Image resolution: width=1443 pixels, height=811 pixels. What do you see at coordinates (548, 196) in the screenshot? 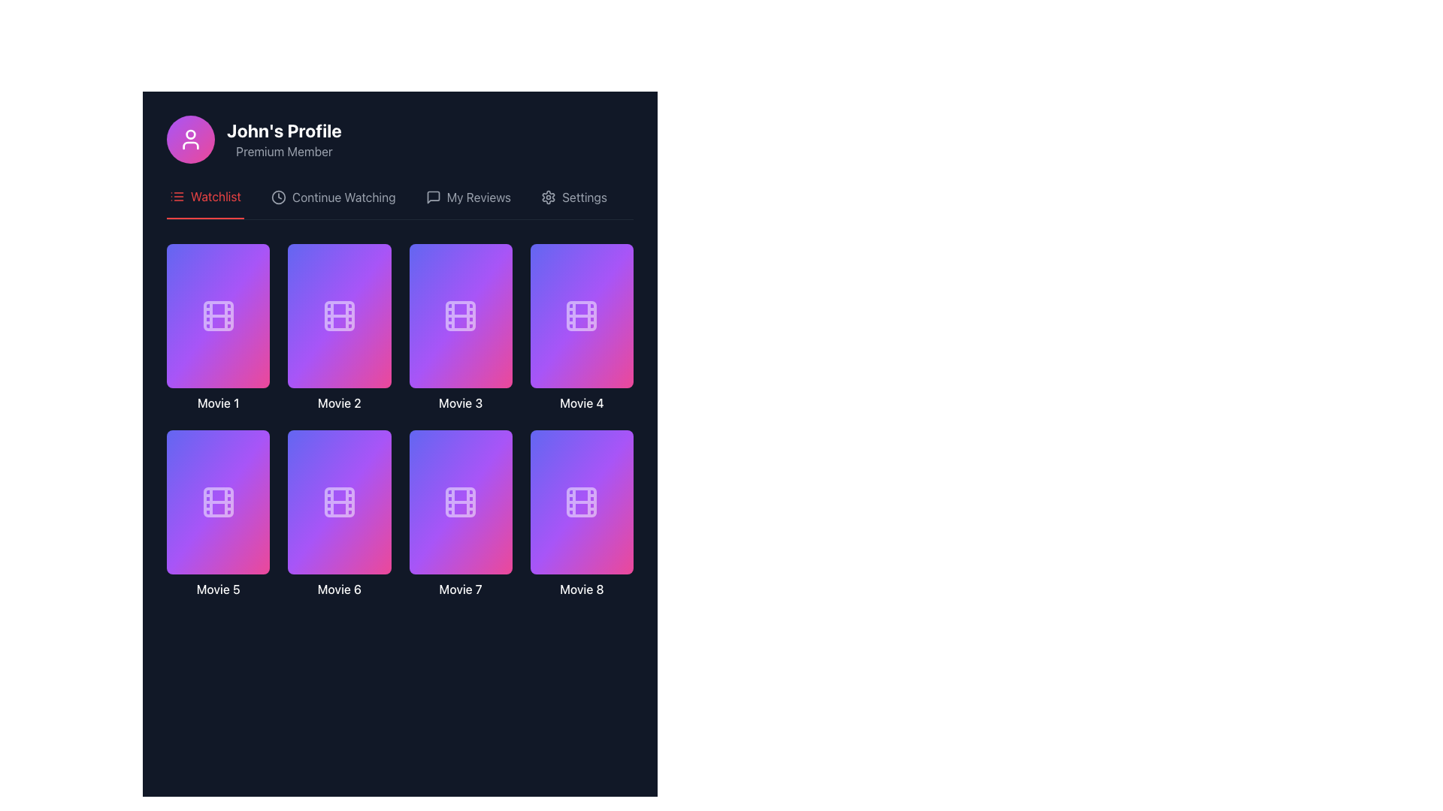
I see `the cogwheel-shaped icon located in the 'Settings' section at the top right of the interface` at bounding box center [548, 196].